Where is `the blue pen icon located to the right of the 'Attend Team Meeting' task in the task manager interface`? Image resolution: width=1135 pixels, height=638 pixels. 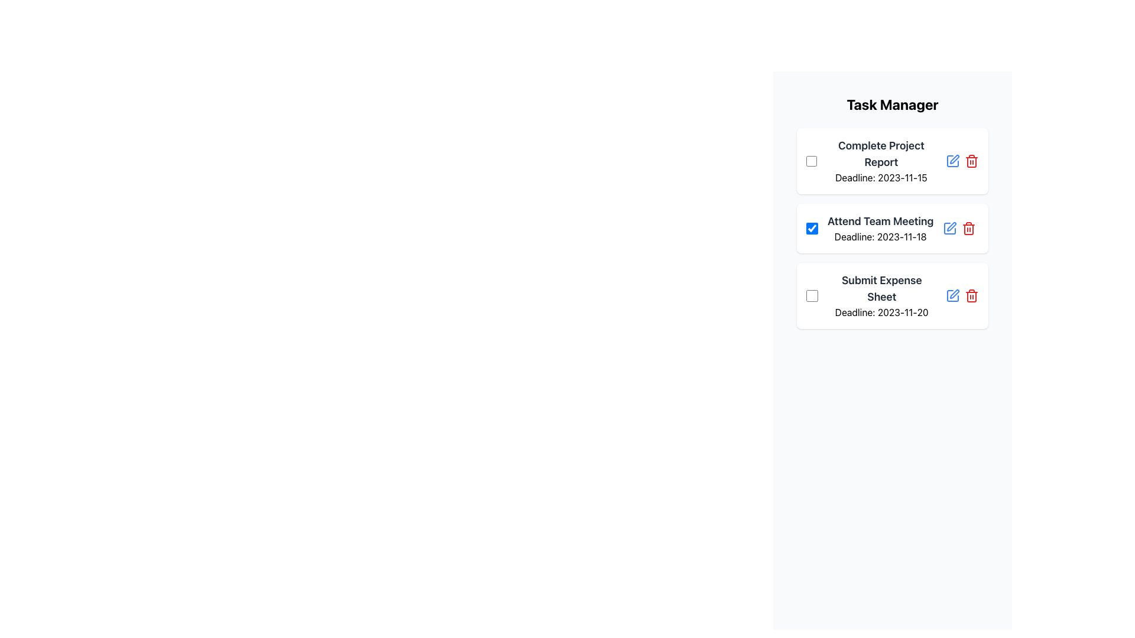
the blue pen icon located to the right of the 'Attend Team Meeting' task in the task manager interface is located at coordinates (953, 161).